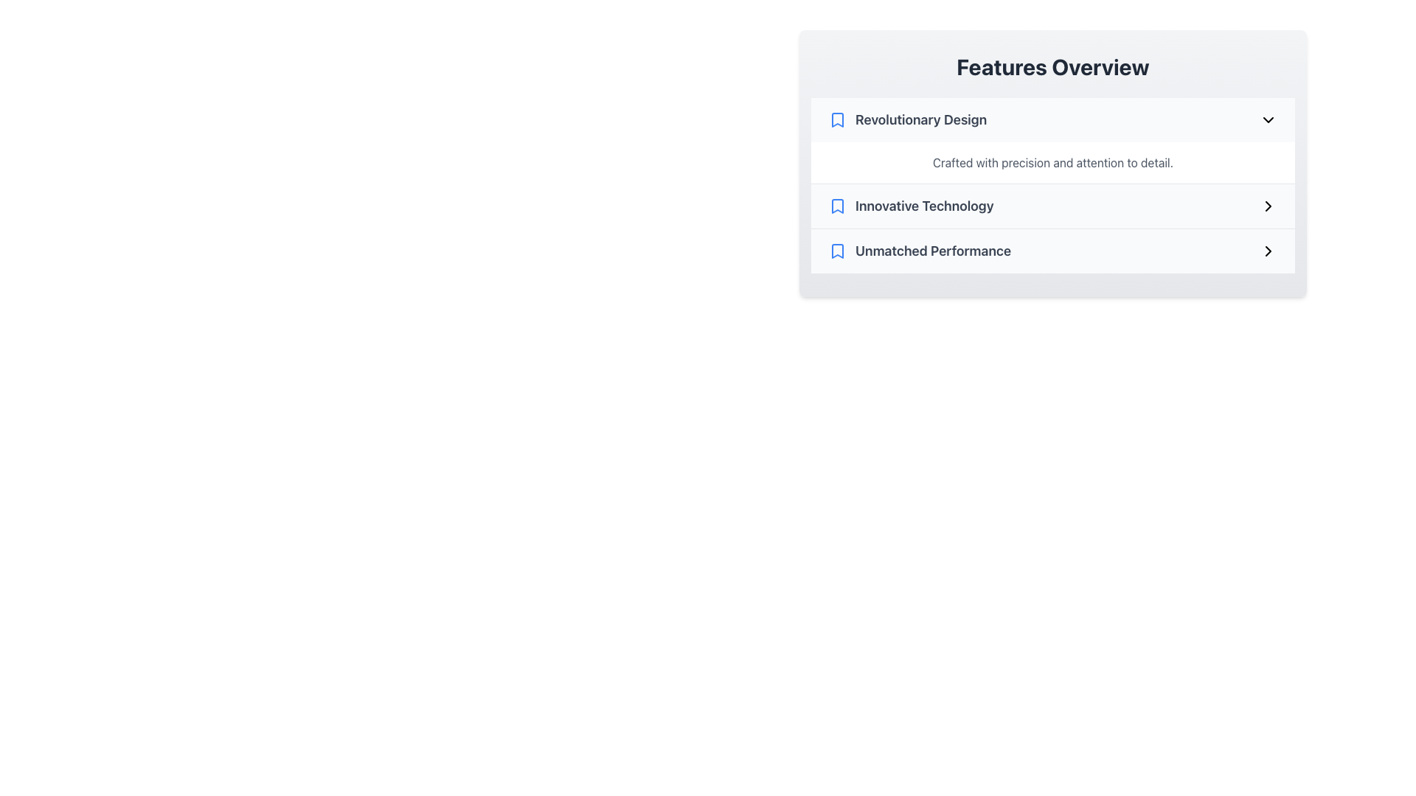  I want to click on the text block displaying 'Crafted with precision and attention to detail.' located below the 'Revolutionary Design' header, so click(1052, 162).